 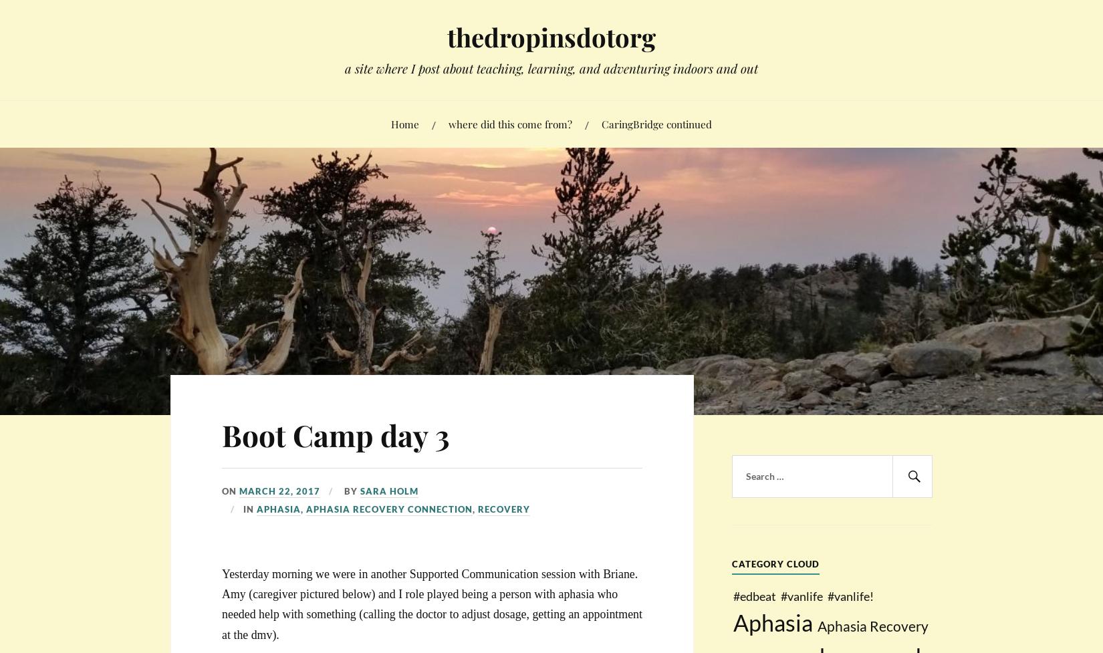 I want to click on 'March 22, 2017', so click(x=239, y=491).